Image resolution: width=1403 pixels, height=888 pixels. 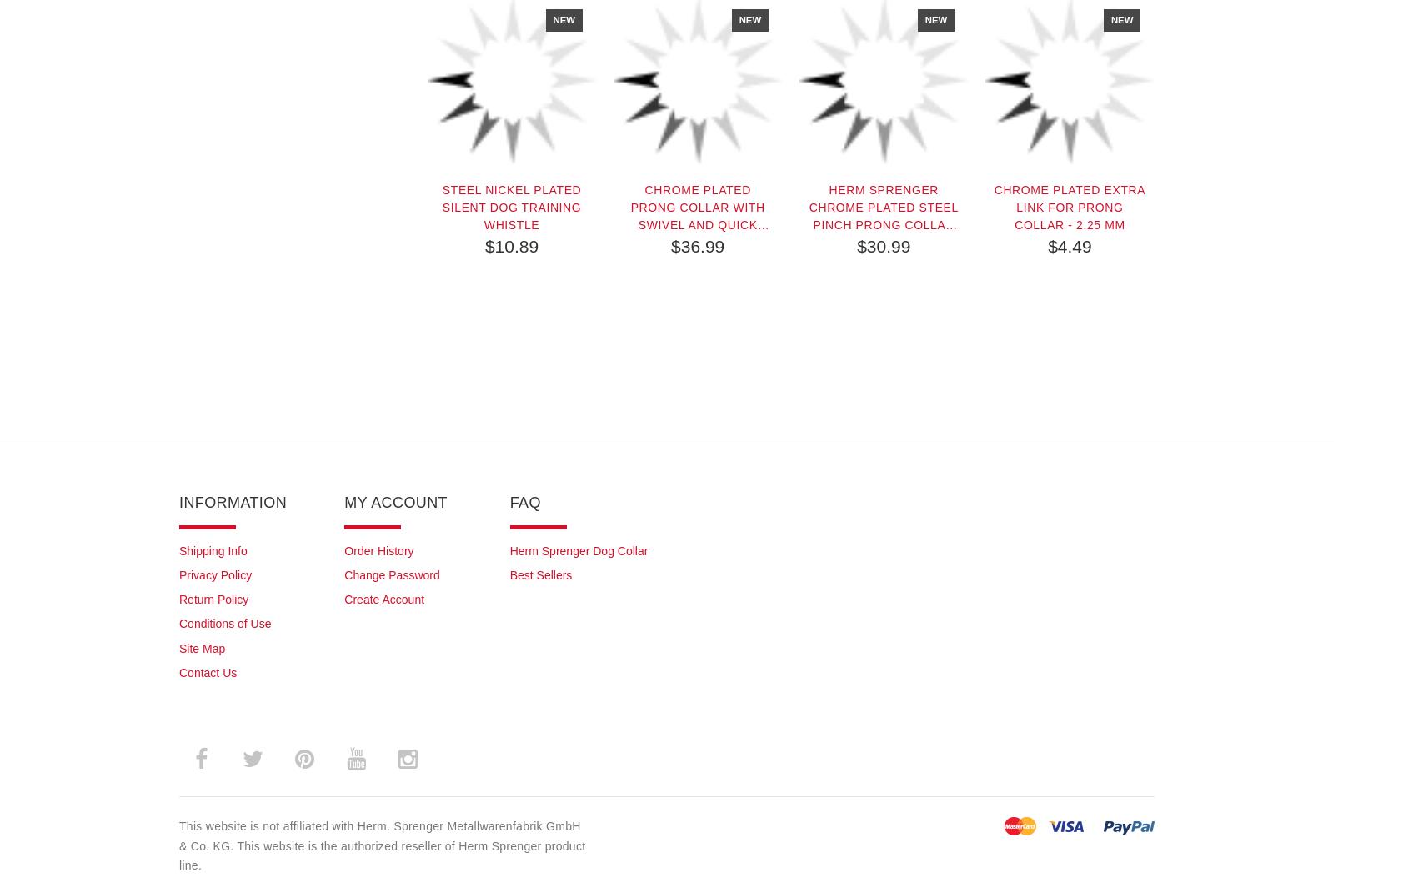 I want to click on 'Create Account', so click(x=383, y=599).